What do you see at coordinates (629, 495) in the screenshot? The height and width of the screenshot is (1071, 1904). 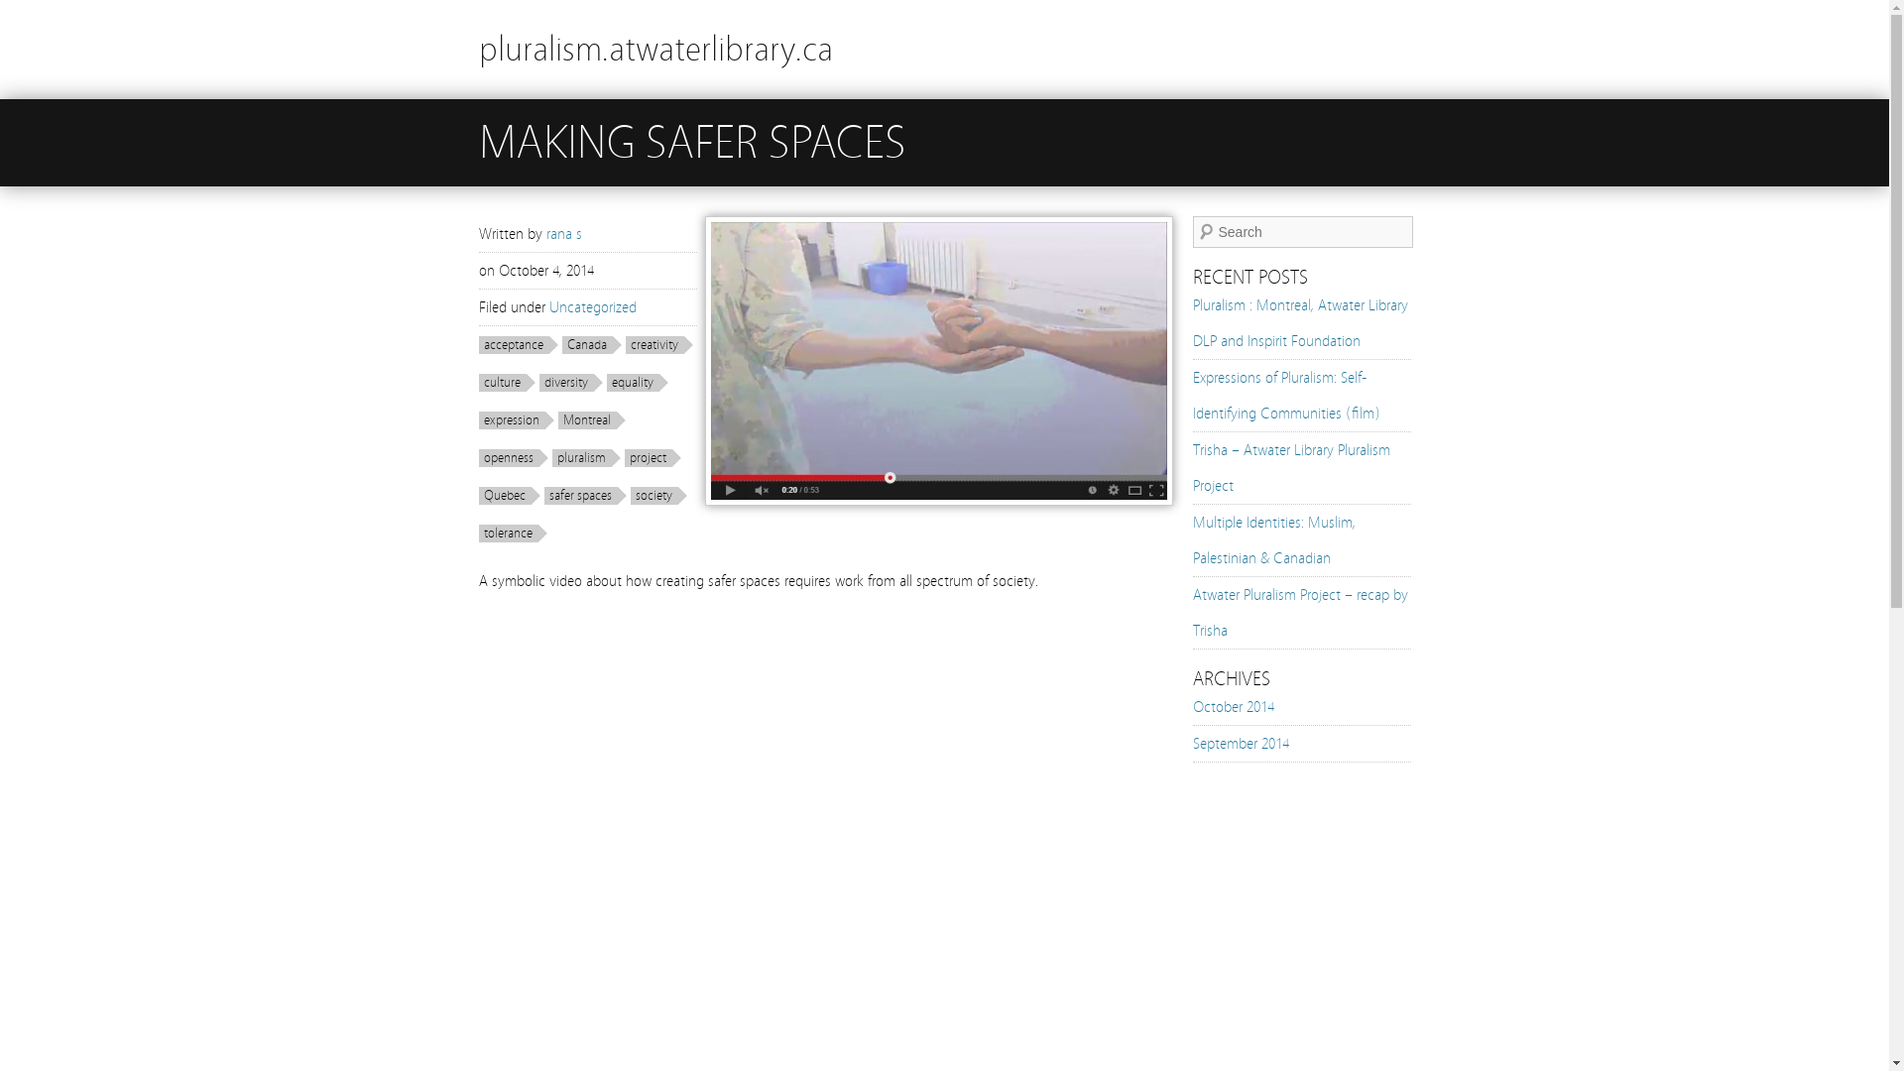 I see `'society'` at bounding box center [629, 495].